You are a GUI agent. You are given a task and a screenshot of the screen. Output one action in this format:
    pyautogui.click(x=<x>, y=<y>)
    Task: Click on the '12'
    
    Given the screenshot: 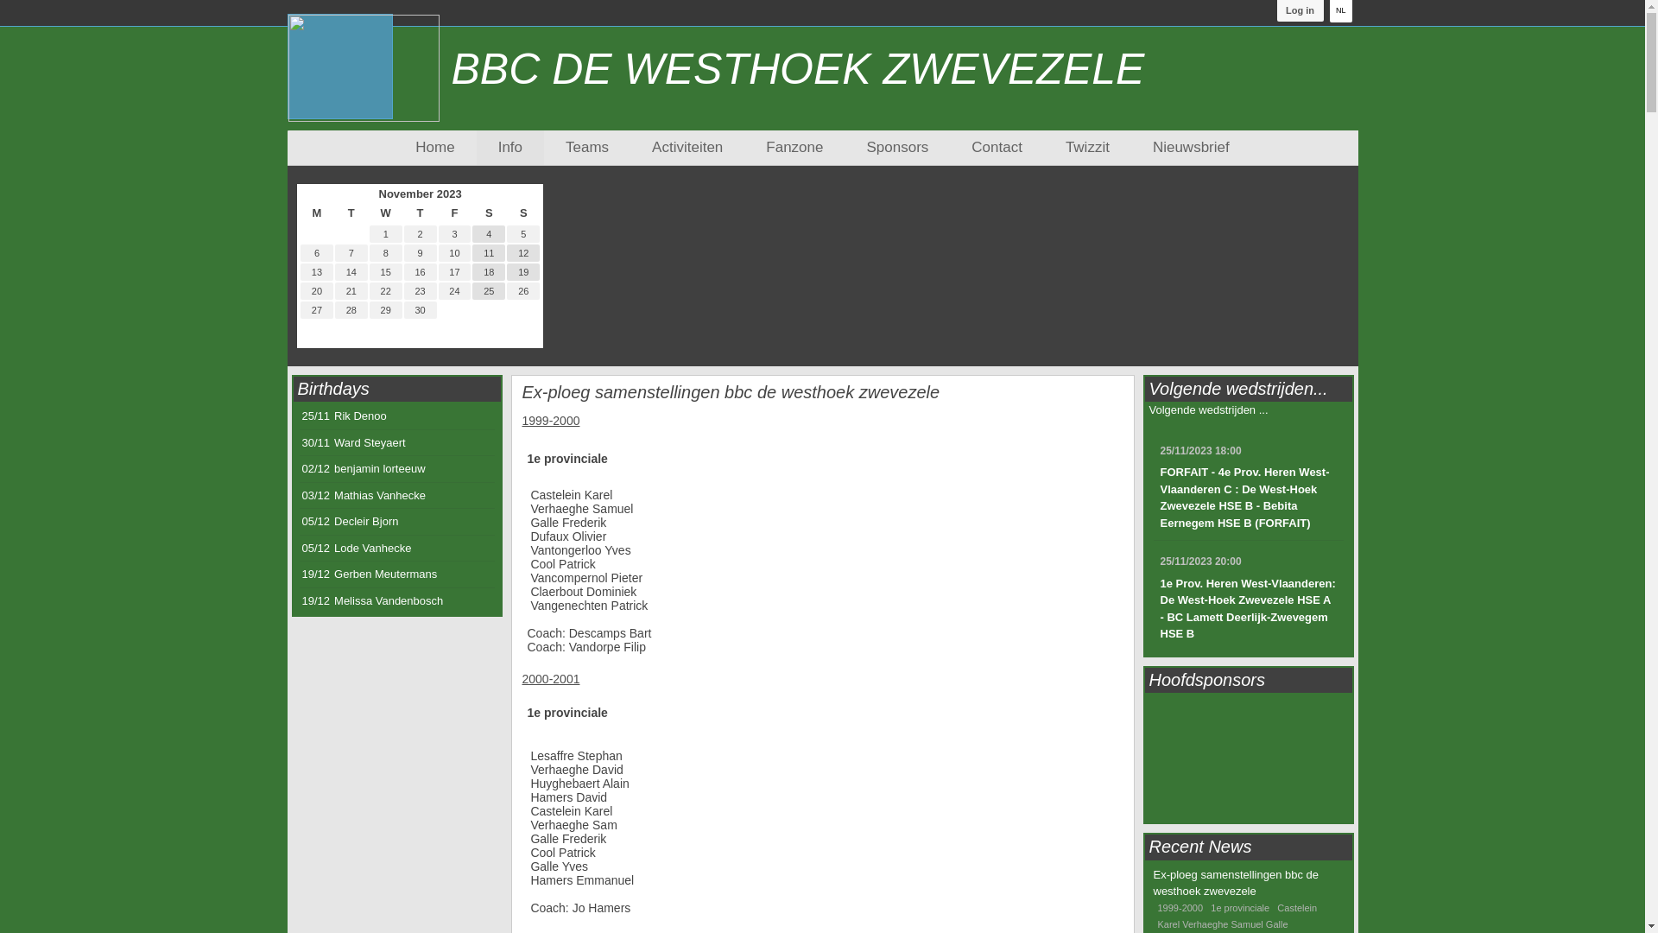 What is the action you would take?
    pyautogui.click(x=522, y=253)
    